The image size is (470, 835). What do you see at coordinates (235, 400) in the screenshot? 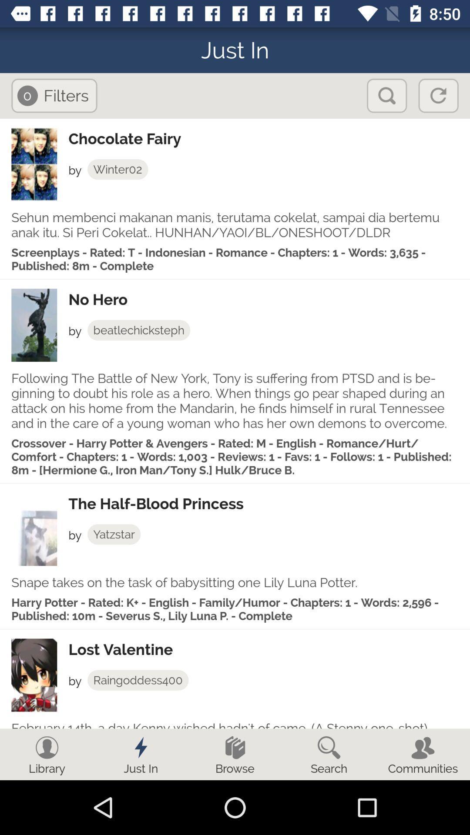
I see `following the battle item` at bounding box center [235, 400].